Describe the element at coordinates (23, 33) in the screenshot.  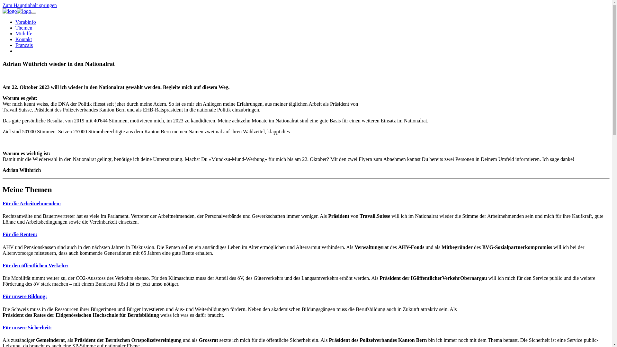
I see `'Mithilfe'` at that location.